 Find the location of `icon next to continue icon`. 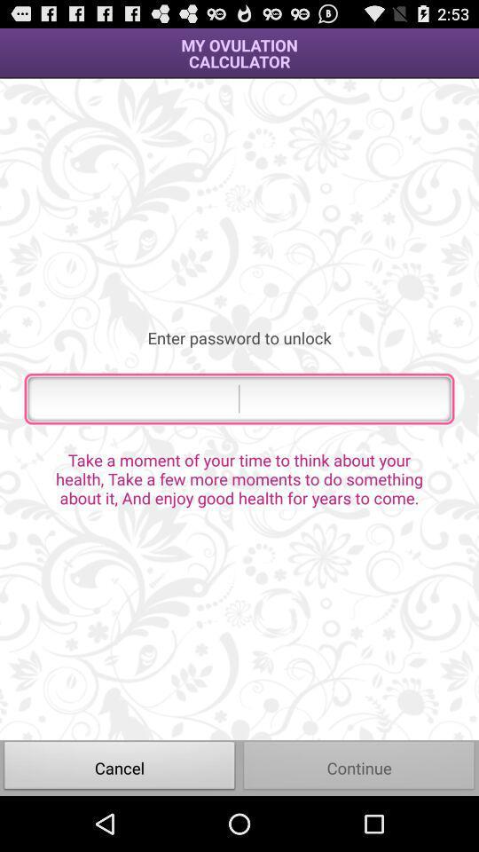

icon next to continue icon is located at coordinates (120, 767).